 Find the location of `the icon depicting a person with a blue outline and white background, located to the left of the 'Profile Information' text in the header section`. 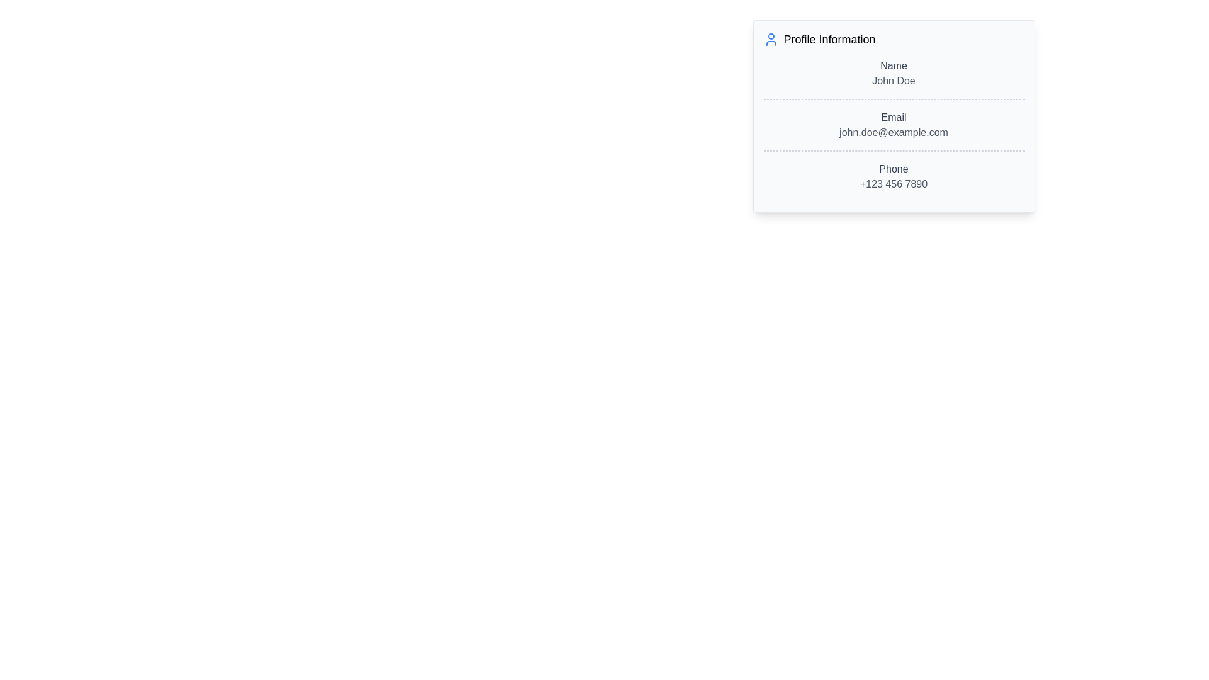

the icon depicting a person with a blue outline and white background, located to the left of the 'Profile Information' text in the header section is located at coordinates (770, 38).